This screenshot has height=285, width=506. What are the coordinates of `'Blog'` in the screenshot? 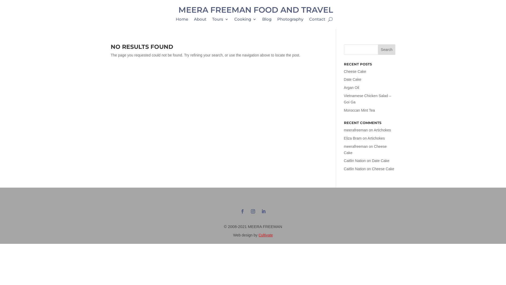 It's located at (262, 20).